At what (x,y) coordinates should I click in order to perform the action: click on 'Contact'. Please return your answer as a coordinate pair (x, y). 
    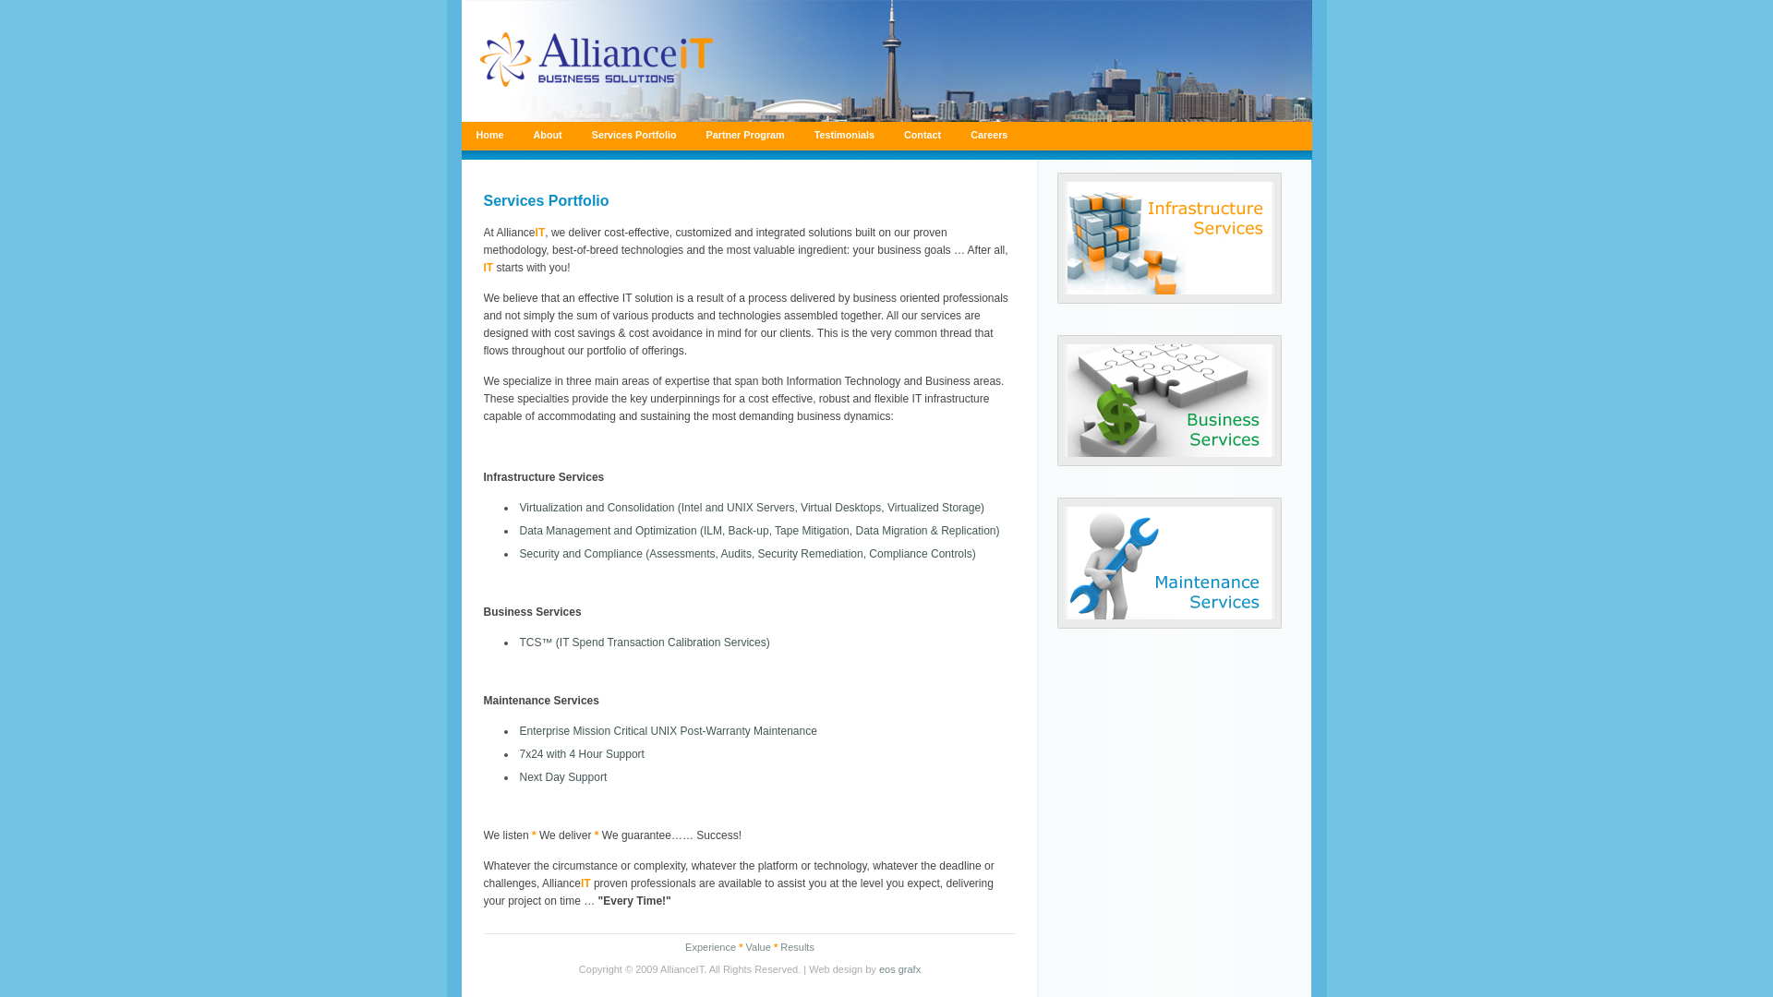
    Looking at the image, I should click on (889, 134).